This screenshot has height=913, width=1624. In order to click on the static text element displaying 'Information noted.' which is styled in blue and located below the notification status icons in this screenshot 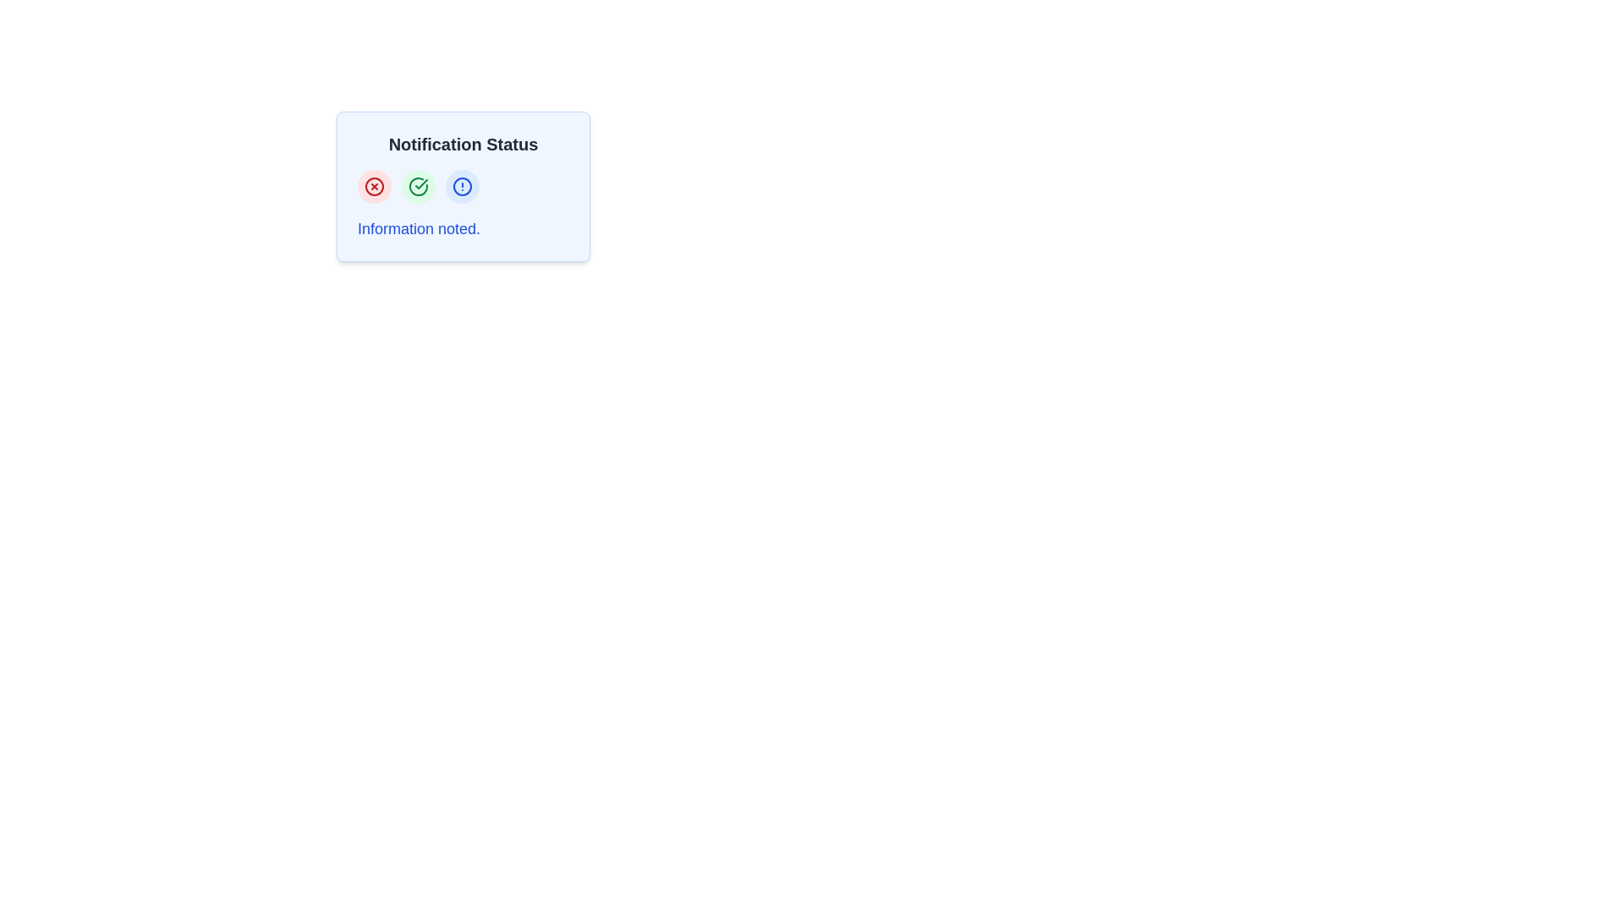, I will do `click(419, 228)`.